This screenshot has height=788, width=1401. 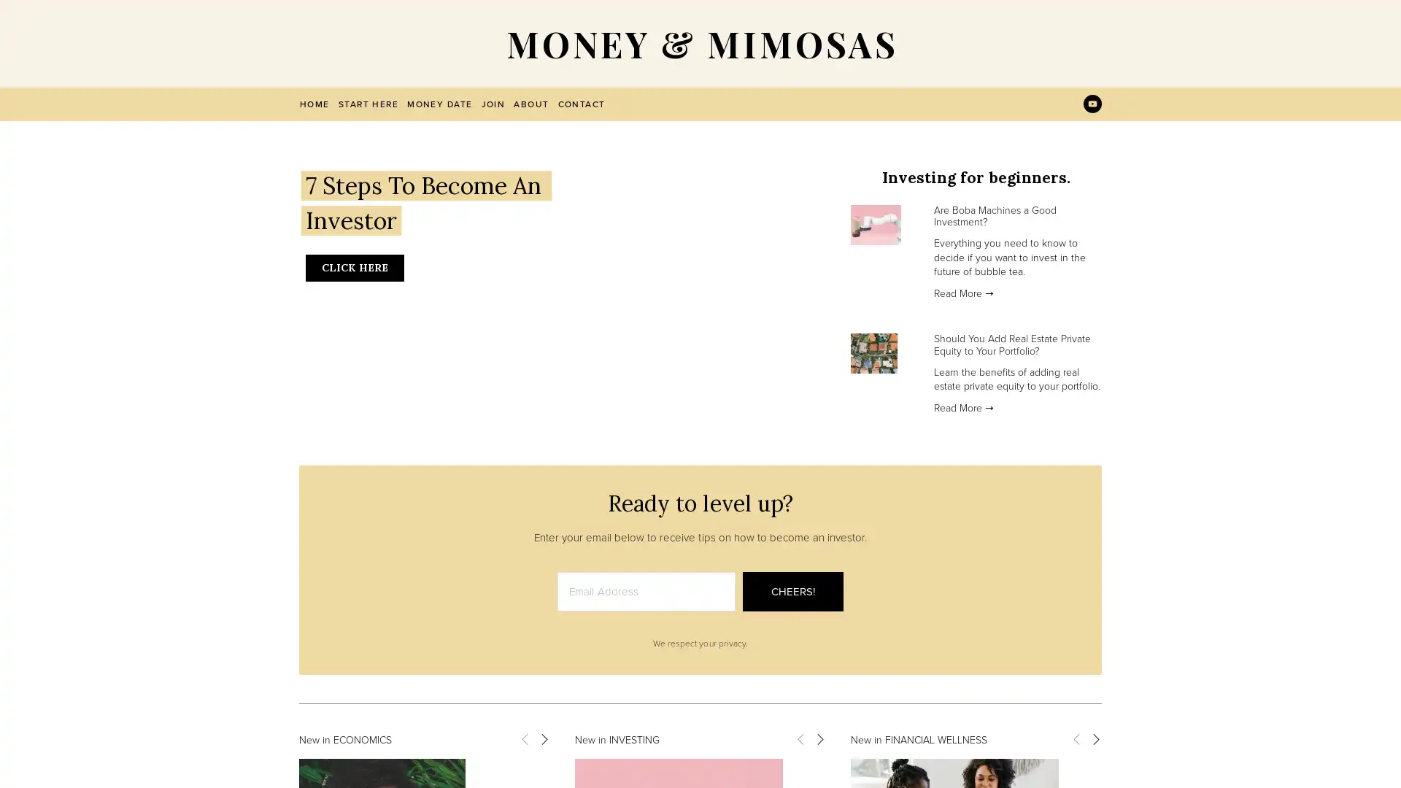 I want to click on Previous, so click(x=525, y=738).